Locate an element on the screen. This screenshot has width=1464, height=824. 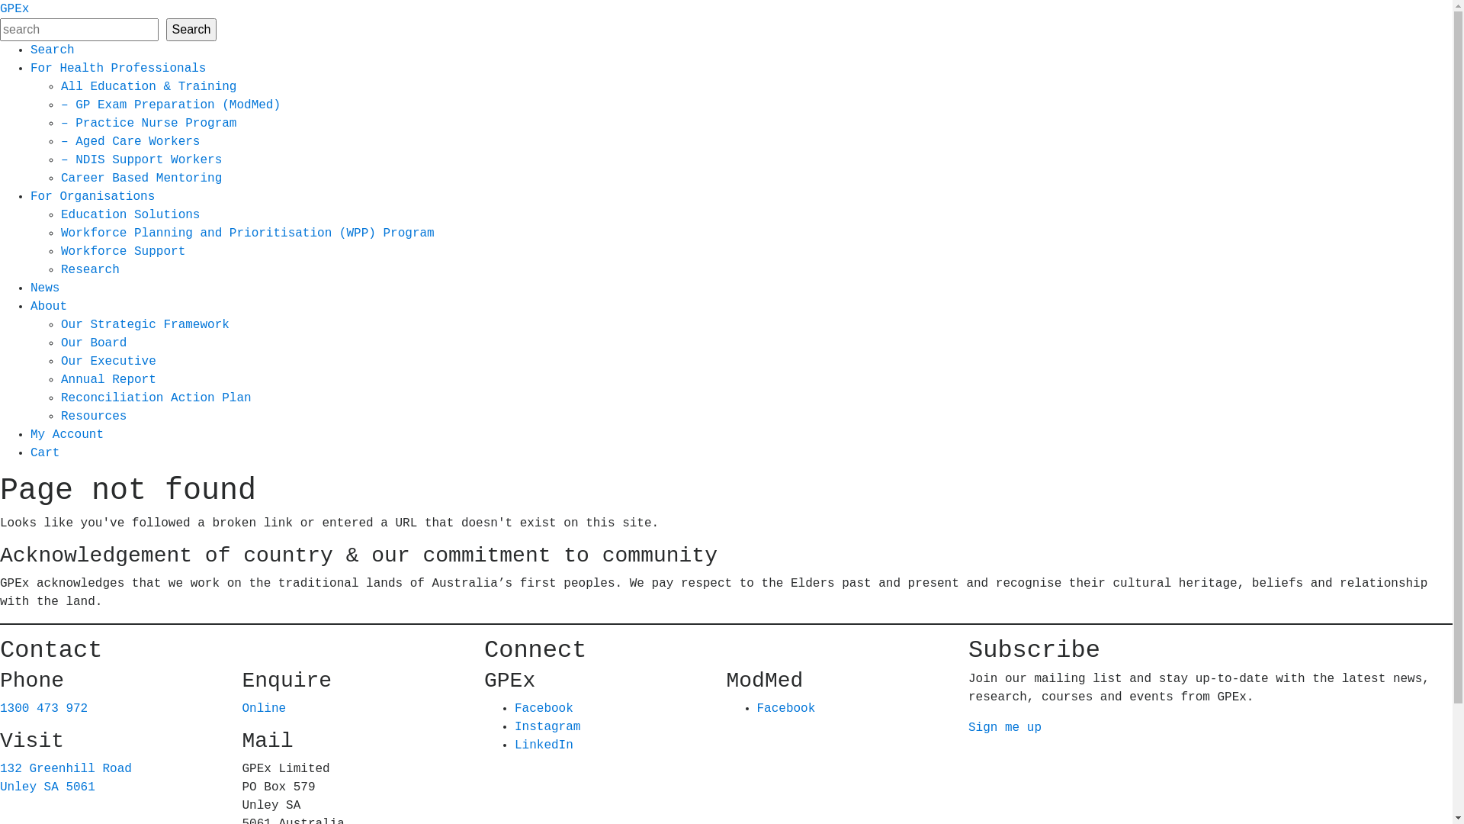
'Research' is located at coordinates (89, 269).